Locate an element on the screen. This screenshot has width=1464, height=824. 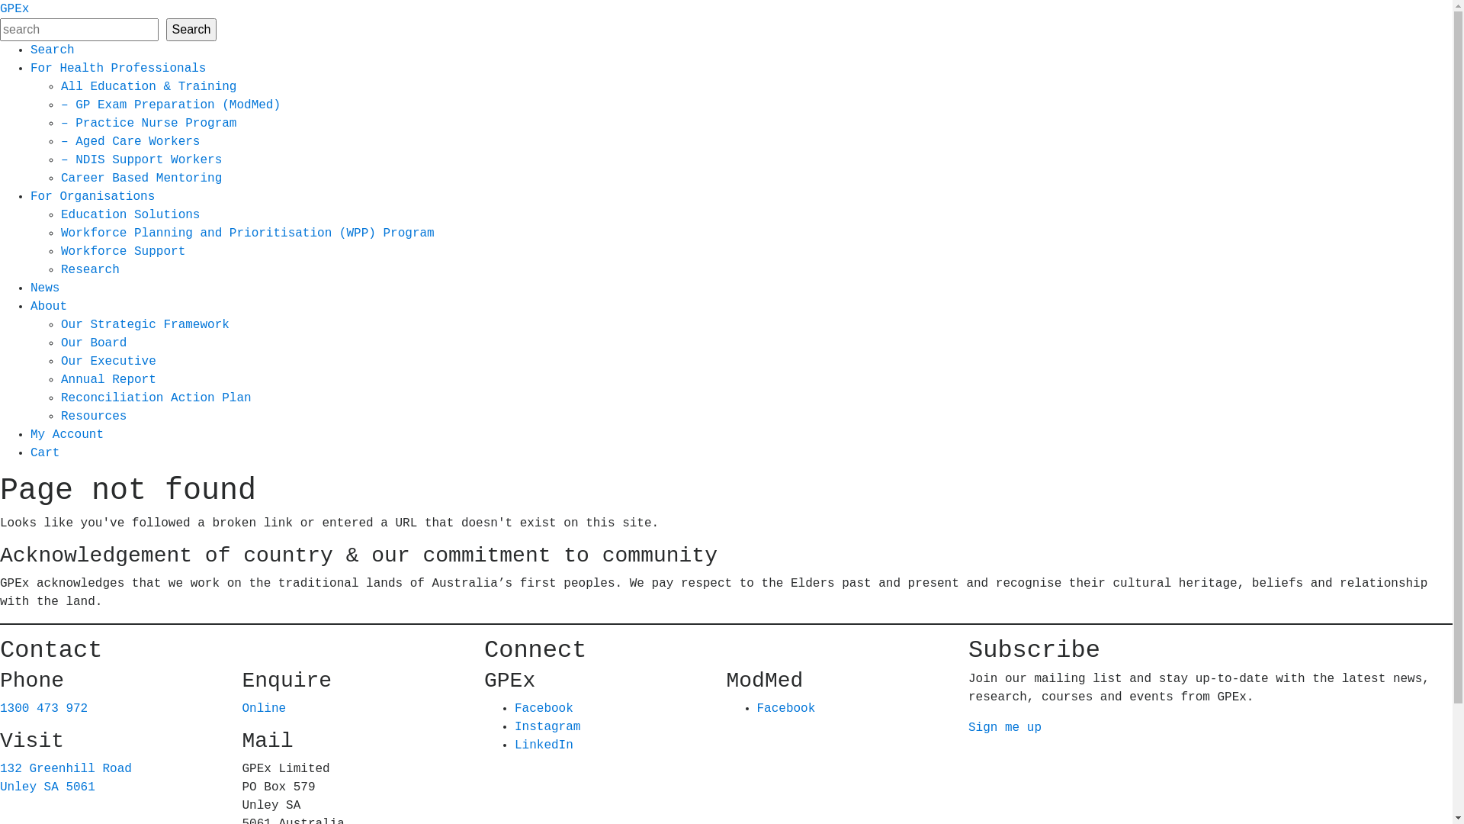
'Research' is located at coordinates (89, 269).